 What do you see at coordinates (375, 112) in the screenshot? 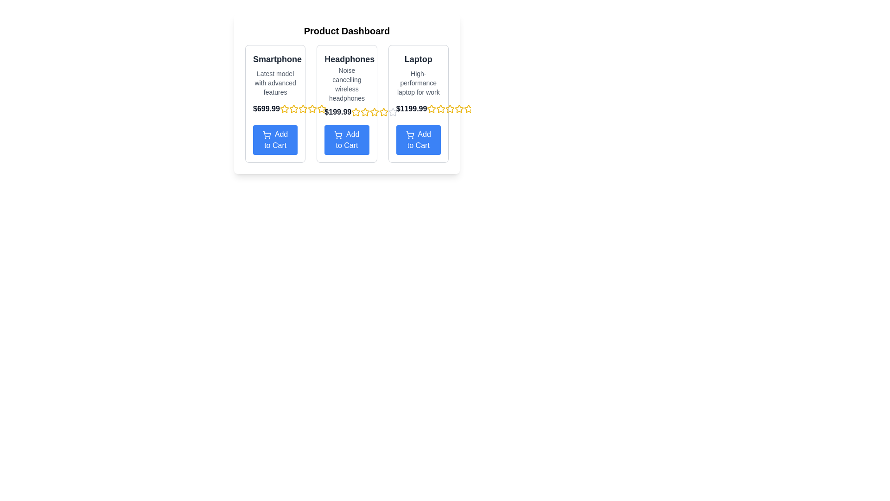
I see `the fourth star icon in the rating interface for the 'Headphones' product to indicate a rating` at bounding box center [375, 112].